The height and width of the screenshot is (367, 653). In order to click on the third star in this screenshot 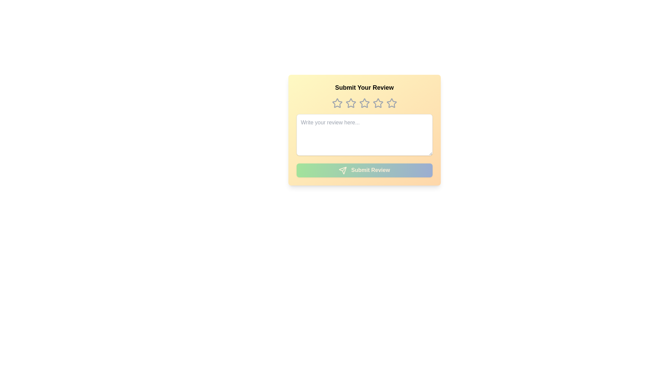, I will do `click(364, 103)`.